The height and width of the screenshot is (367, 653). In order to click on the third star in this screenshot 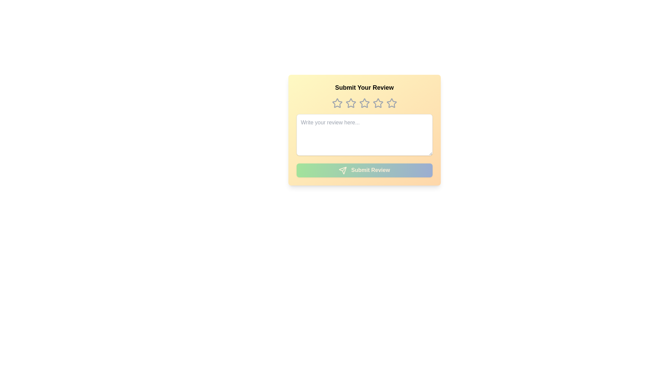, I will do `click(364, 103)`.